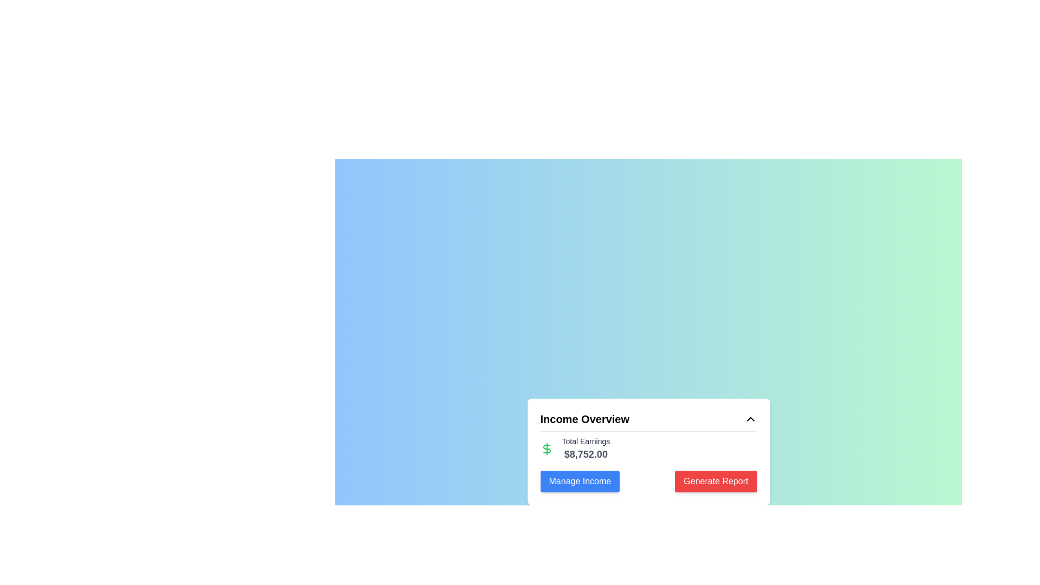  What do you see at coordinates (585, 454) in the screenshot?
I see `the monetary value '$8,752.00' displayed in bold gray text beneath the label 'Total Earnings' in the financial overview card` at bounding box center [585, 454].